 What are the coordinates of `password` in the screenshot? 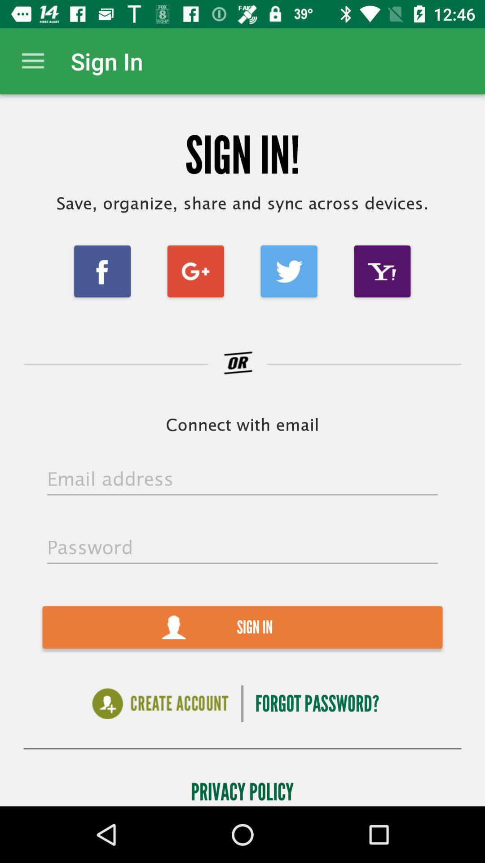 It's located at (242, 547).